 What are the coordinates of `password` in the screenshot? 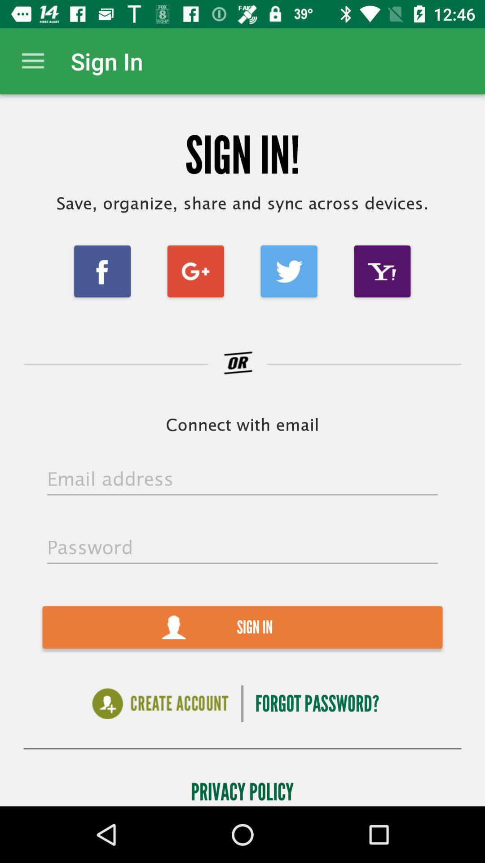 It's located at (242, 547).